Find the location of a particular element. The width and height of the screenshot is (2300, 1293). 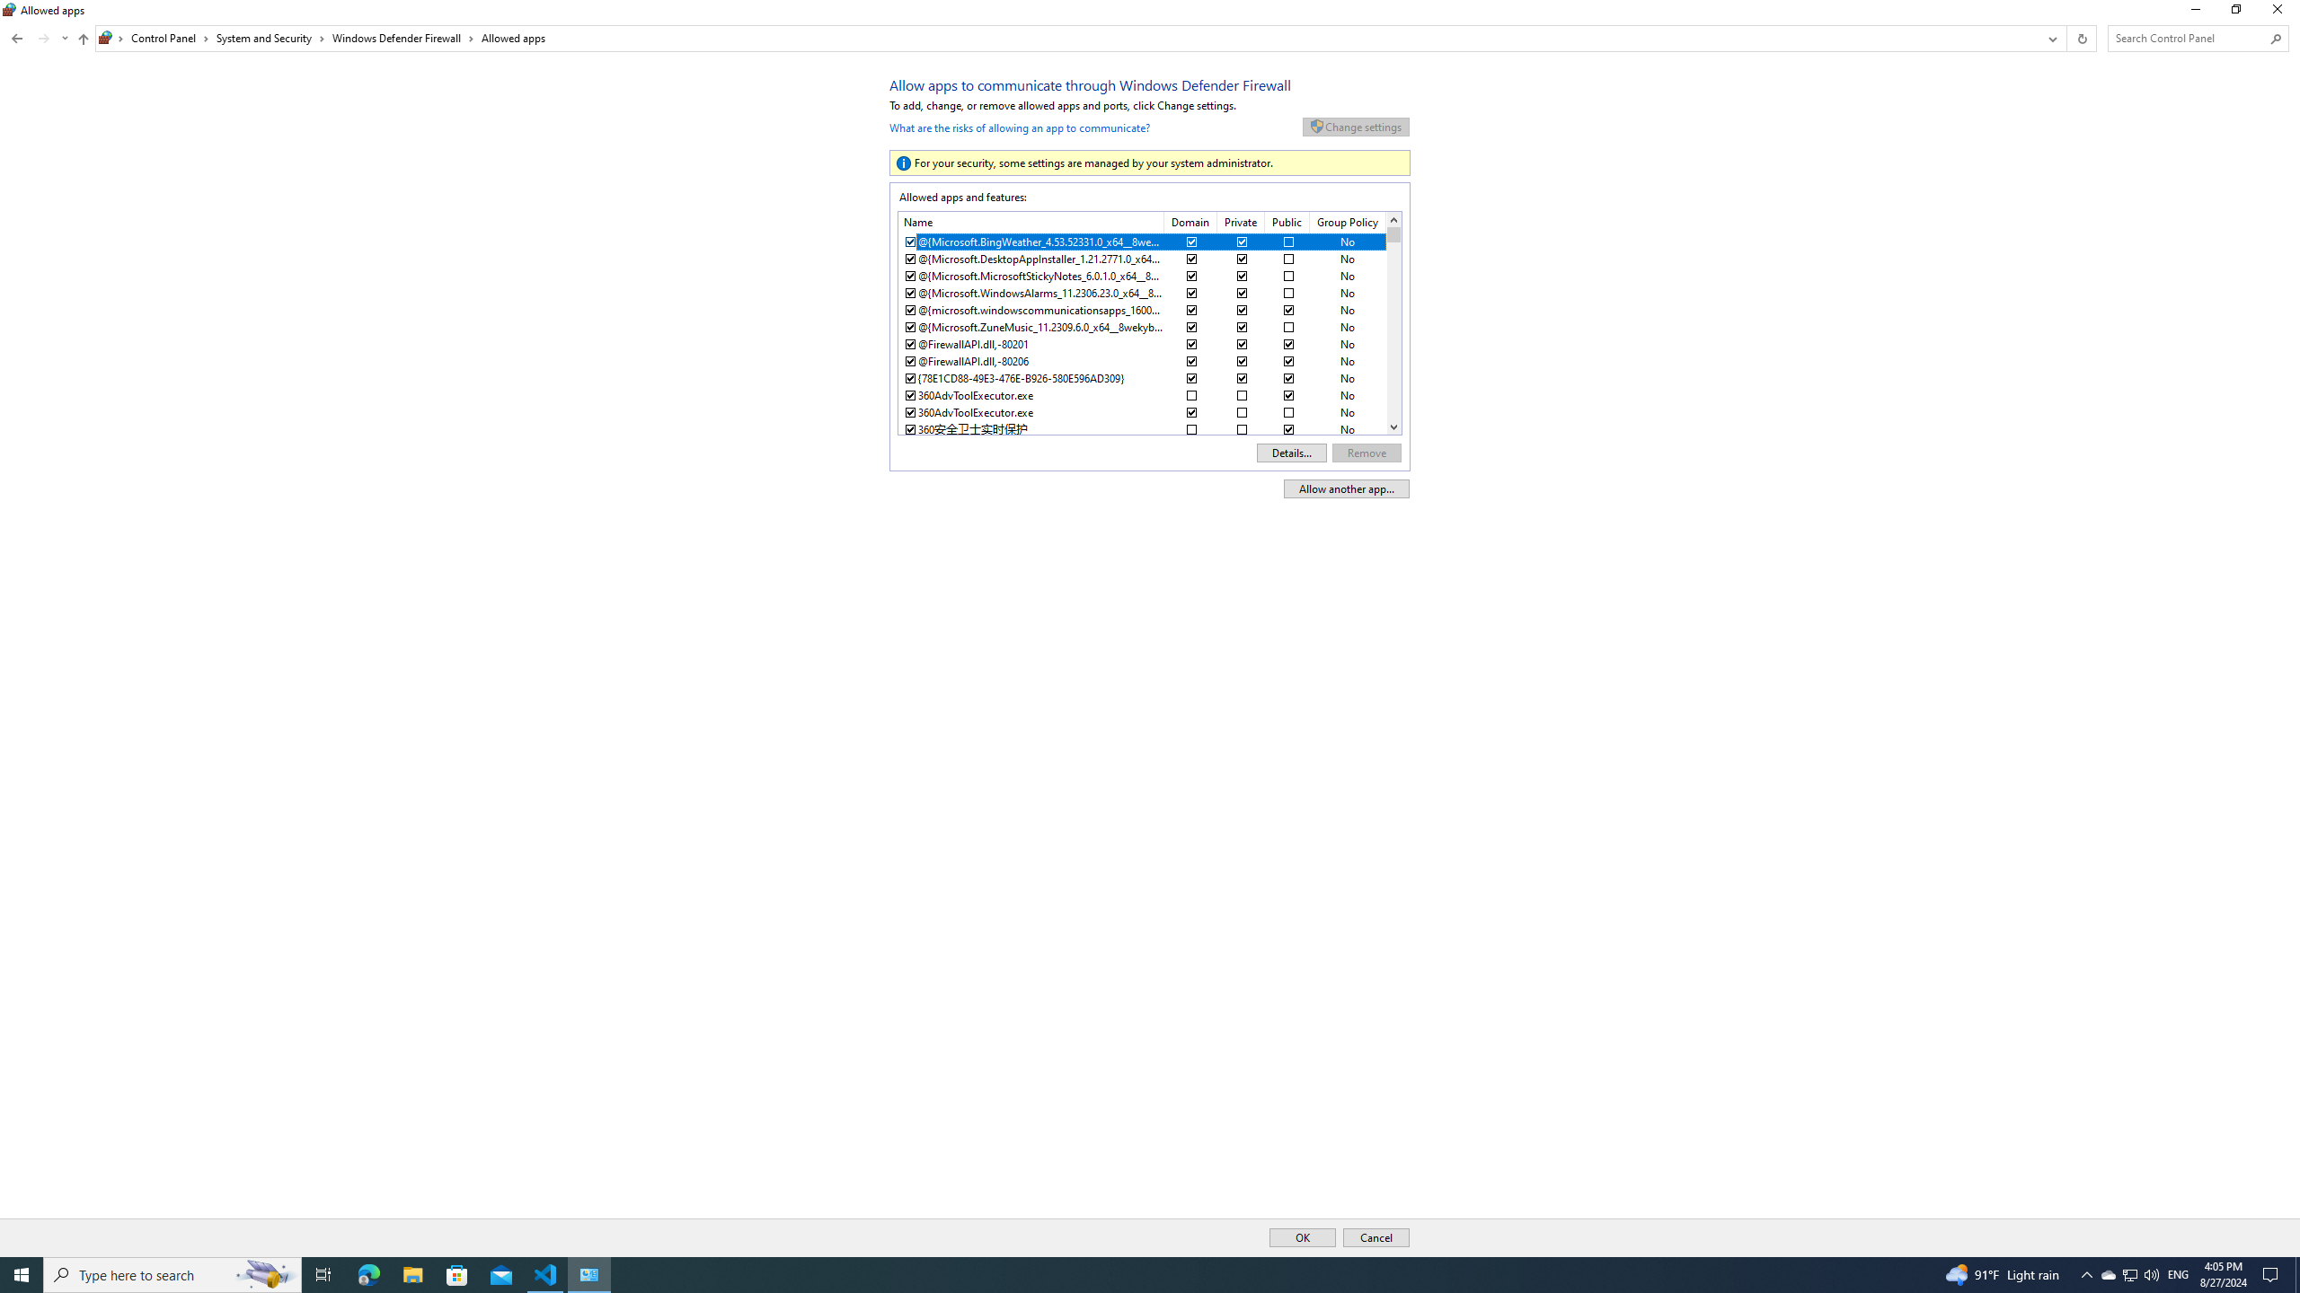

'Details...' is located at coordinates (1290, 451).